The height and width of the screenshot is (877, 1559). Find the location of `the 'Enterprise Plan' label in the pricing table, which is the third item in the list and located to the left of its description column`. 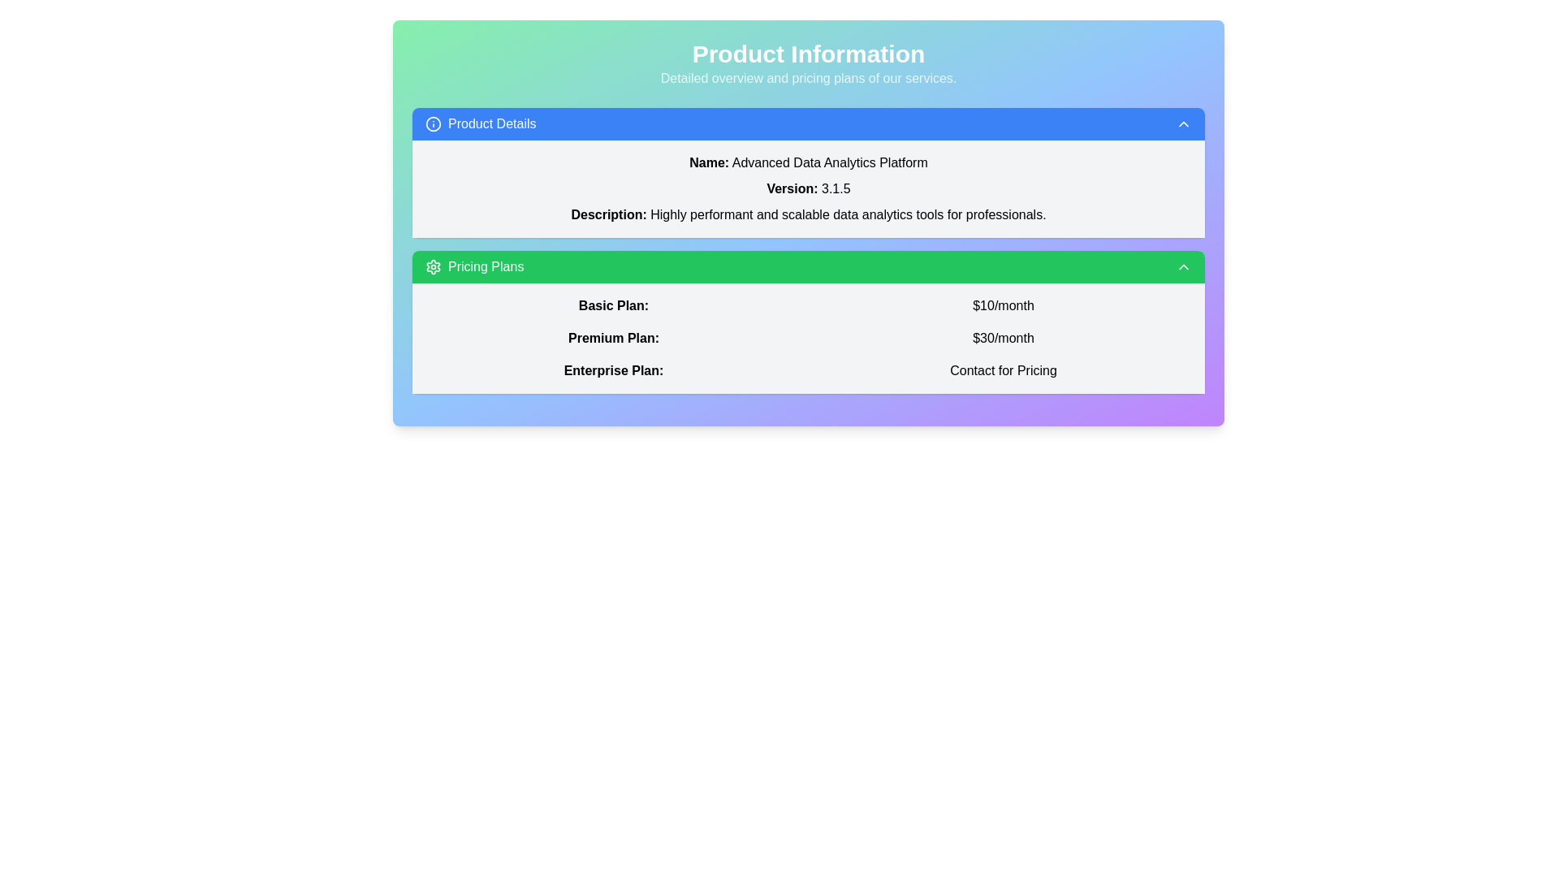

the 'Enterprise Plan' label in the pricing table, which is the third item in the list and located to the left of its description column is located at coordinates (612, 370).